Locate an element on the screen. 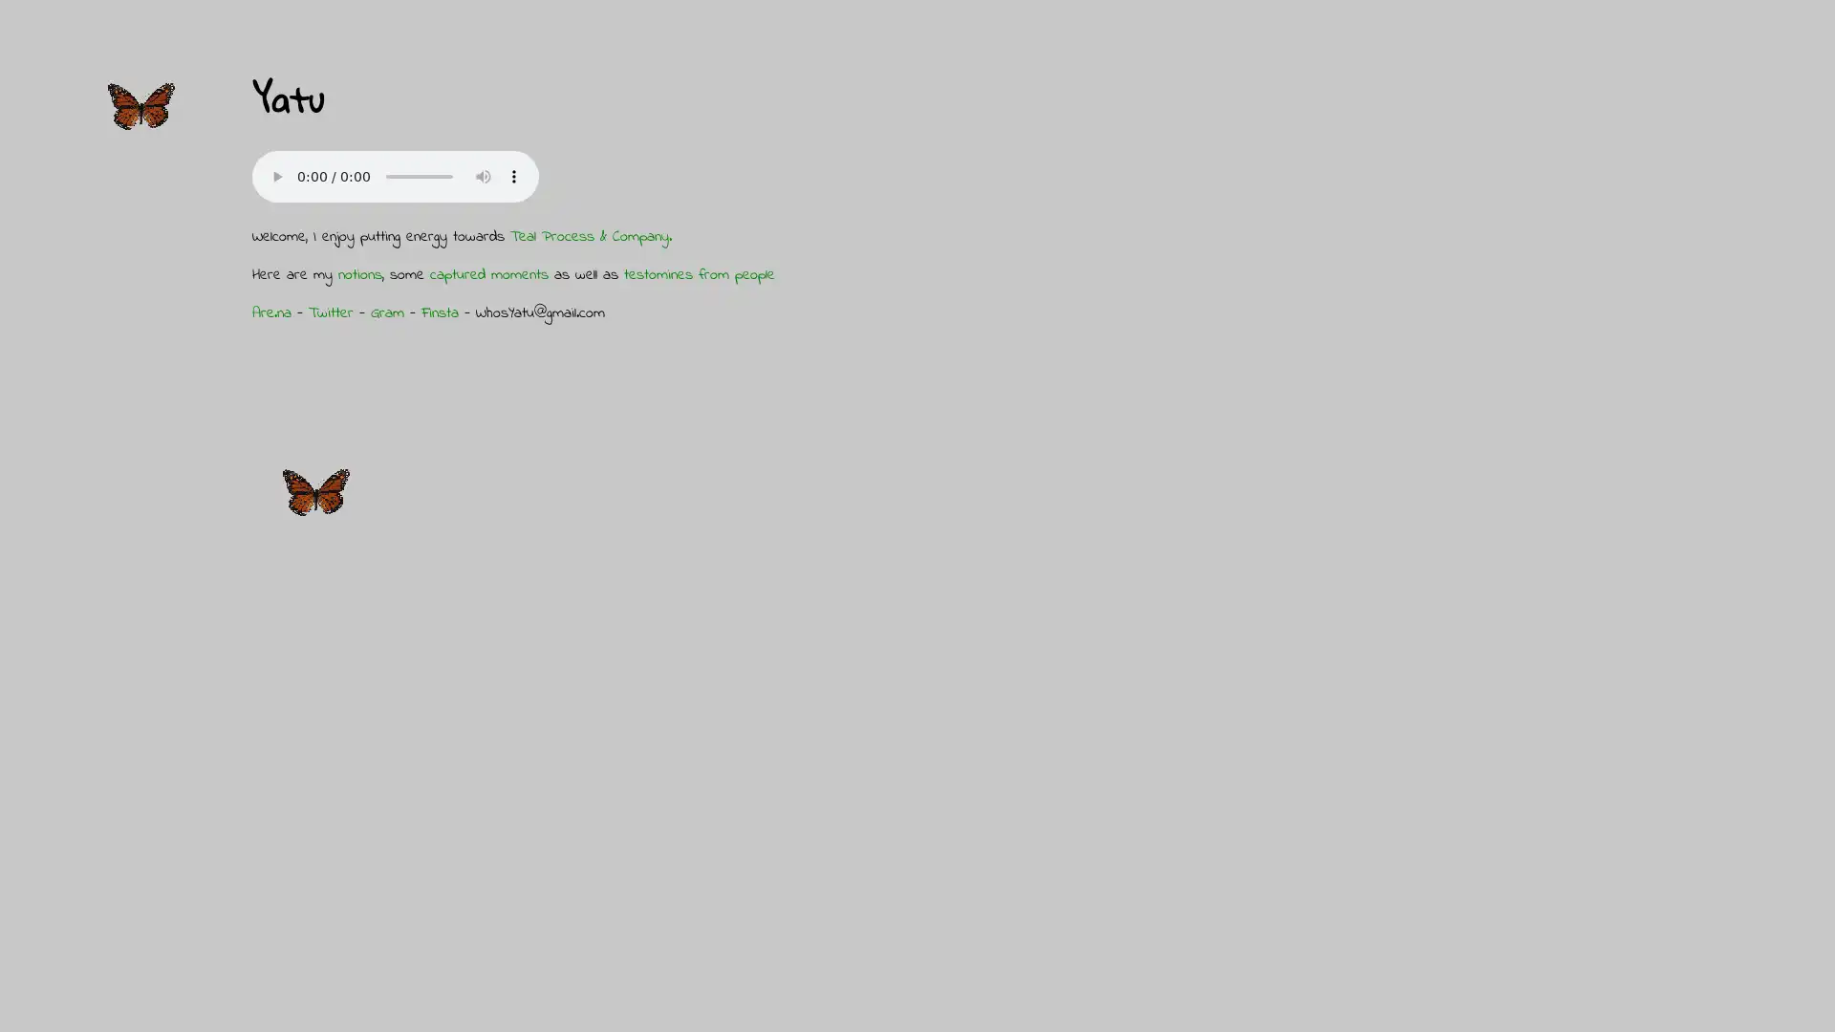 The height and width of the screenshot is (1032, 1835). play is located at coordinates (275, 176).